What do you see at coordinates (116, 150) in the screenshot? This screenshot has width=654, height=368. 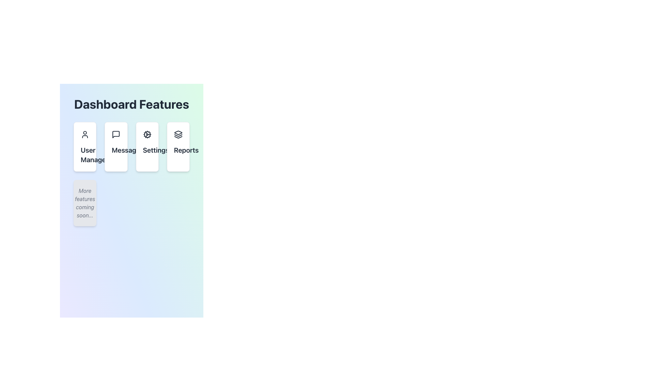 I see `text label displaying 'Messages' which is a bold, large font text centered under a messaging icon in the Dashboard Features section` at bounding box center [116, 150].